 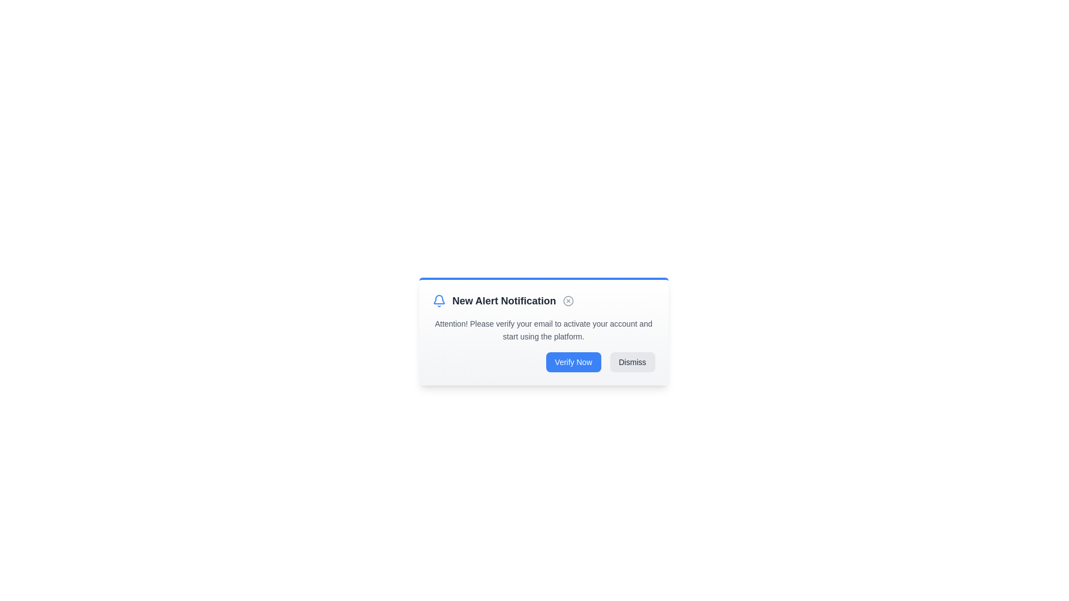 What do you see at coordinates (543, 300) in the screenshot?
I see `the Header element that features a bell icon and the text 'New Alert Notification', which is aligned to the left and positioned at the top of the card-like interface` at bounding box center [543, 300].